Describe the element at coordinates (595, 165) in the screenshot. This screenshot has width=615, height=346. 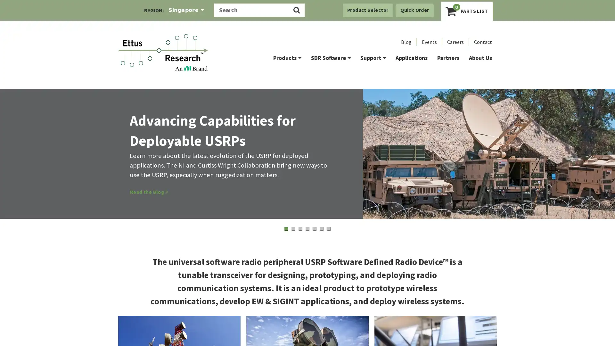
I see `Next` at that location.